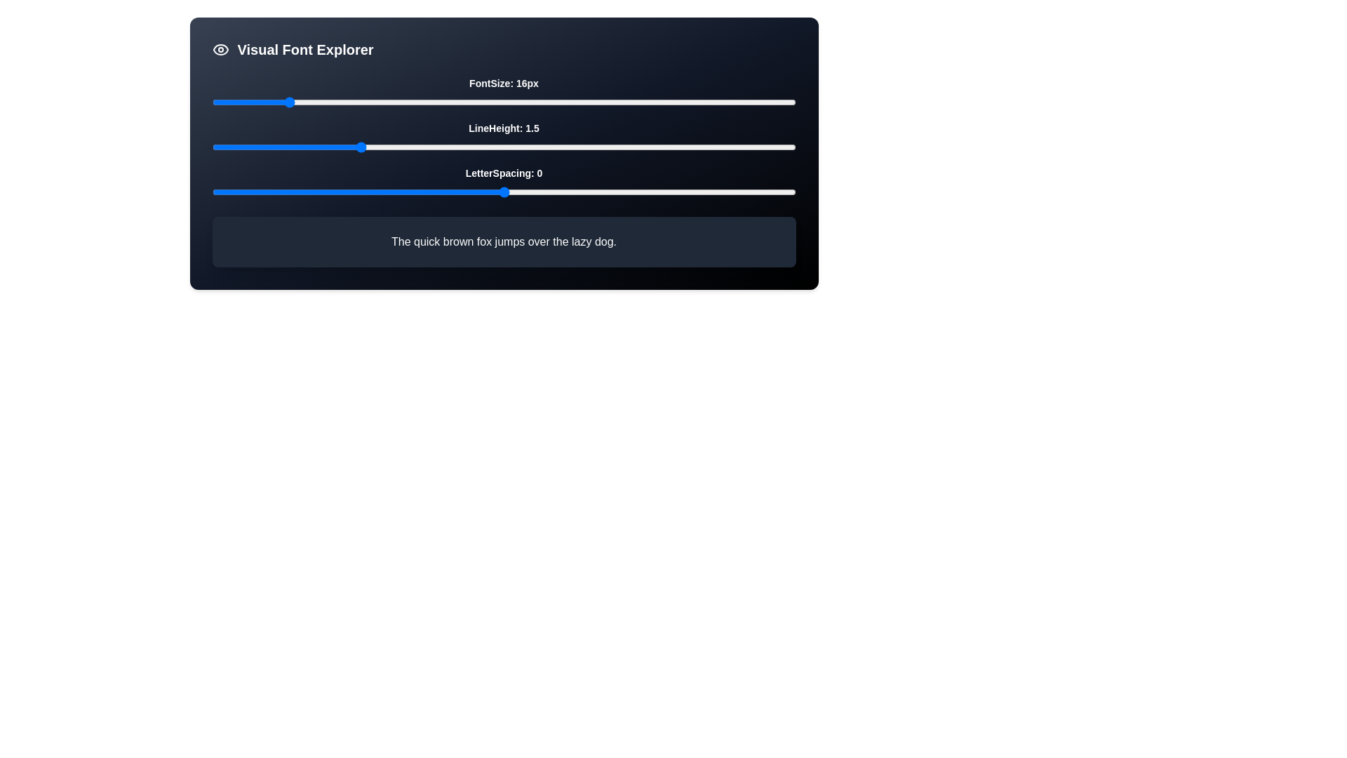  What do you see at coordinates (412, 102) in the screenshot?
I see `the font size slider to 30 pixels` at bounding box center [412, 102].